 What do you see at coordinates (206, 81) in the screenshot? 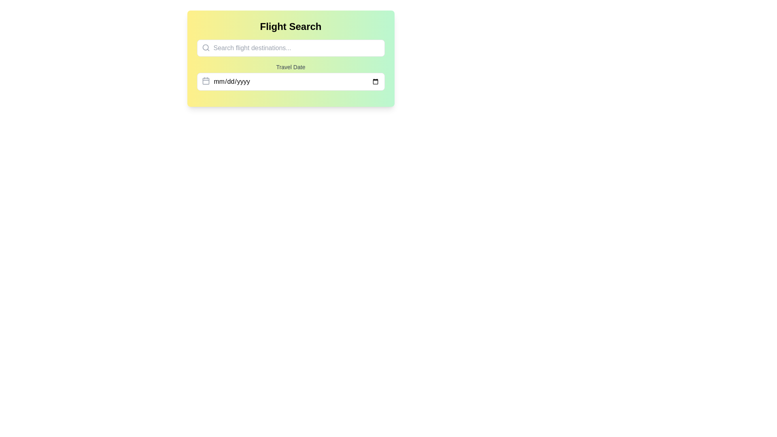
I see `the decorative calendar icon located immediately to the left of the 'mm/dd/yyyy' date input field in the second row of the form` at bounding box center [206, 81].